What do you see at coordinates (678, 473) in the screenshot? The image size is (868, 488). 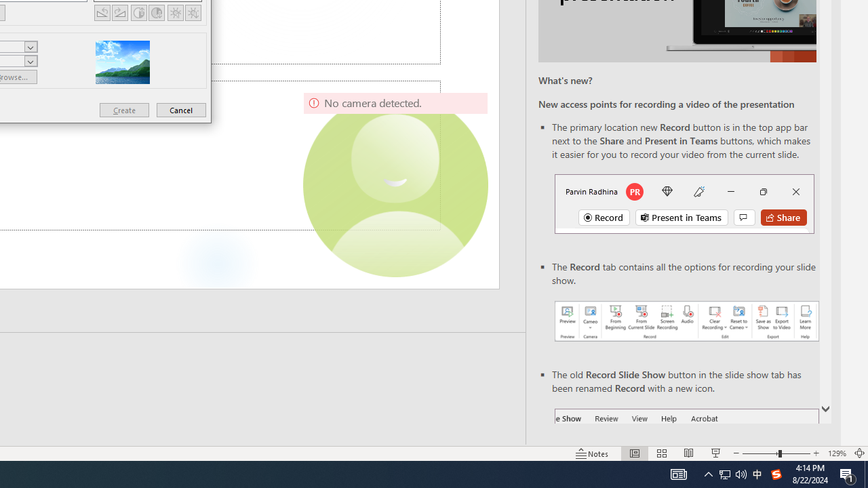 I see `'AutomationID: 4105'` at bounding box center [678, 473].